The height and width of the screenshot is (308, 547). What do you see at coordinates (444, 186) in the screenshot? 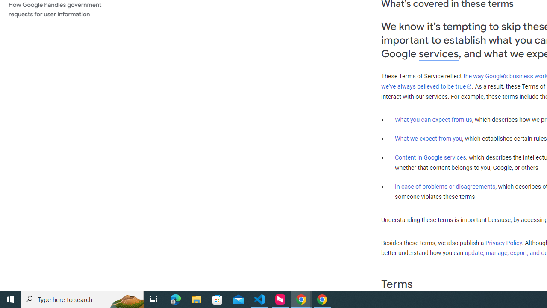
I see `'In case of problems or disagreements'` at bounding box center [444, 186].